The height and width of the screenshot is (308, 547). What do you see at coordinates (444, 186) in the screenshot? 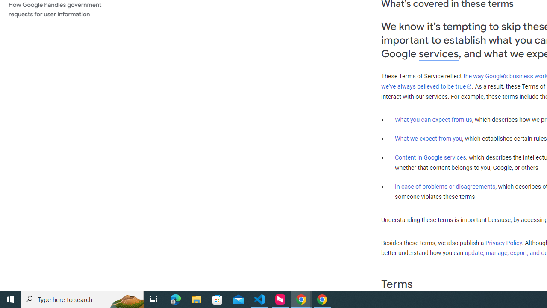
I see `'In case of problems or disagreements'` at bounding box center [444, 186].